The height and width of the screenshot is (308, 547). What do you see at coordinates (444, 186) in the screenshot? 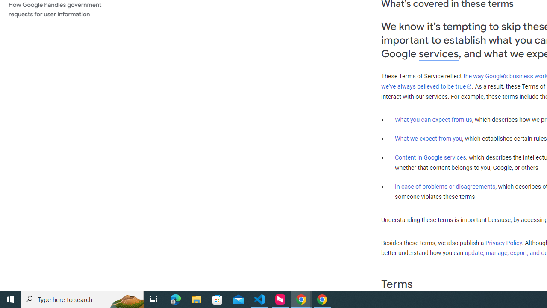
I see `'In case of problems or disagreements'` at bounding box center [444, 186].